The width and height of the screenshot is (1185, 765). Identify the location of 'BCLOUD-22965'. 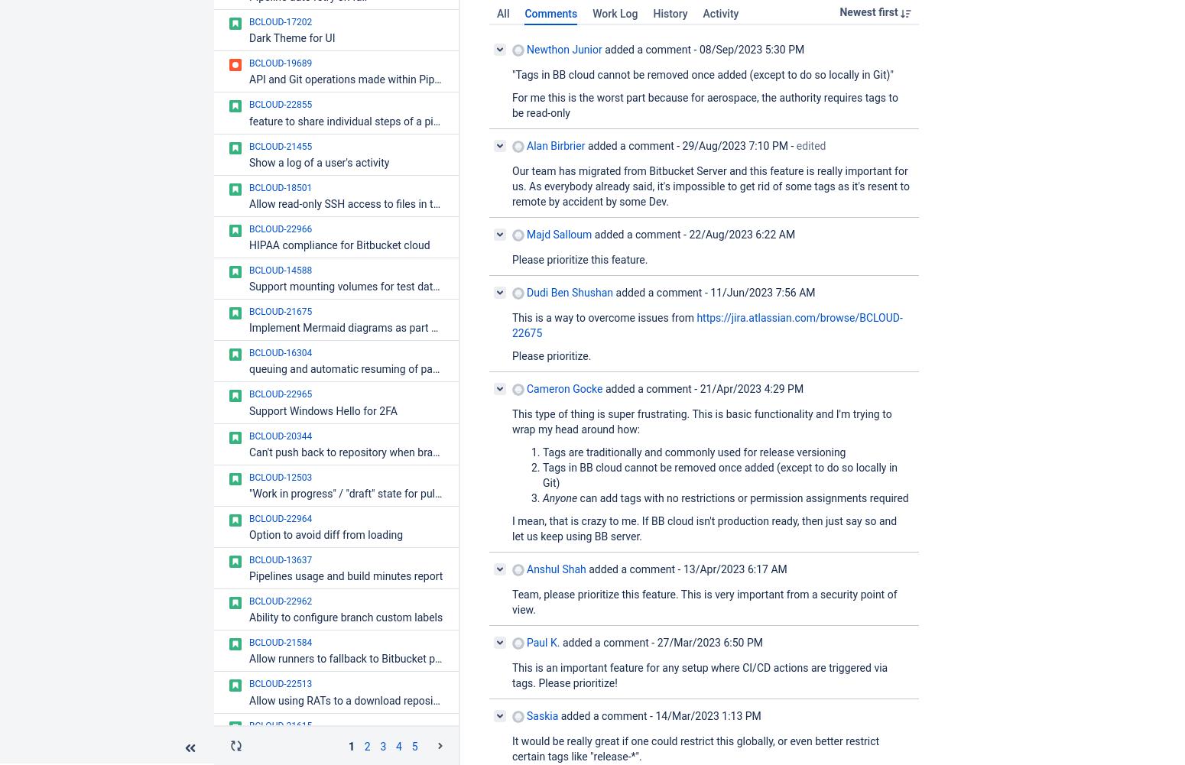
(248, 394).